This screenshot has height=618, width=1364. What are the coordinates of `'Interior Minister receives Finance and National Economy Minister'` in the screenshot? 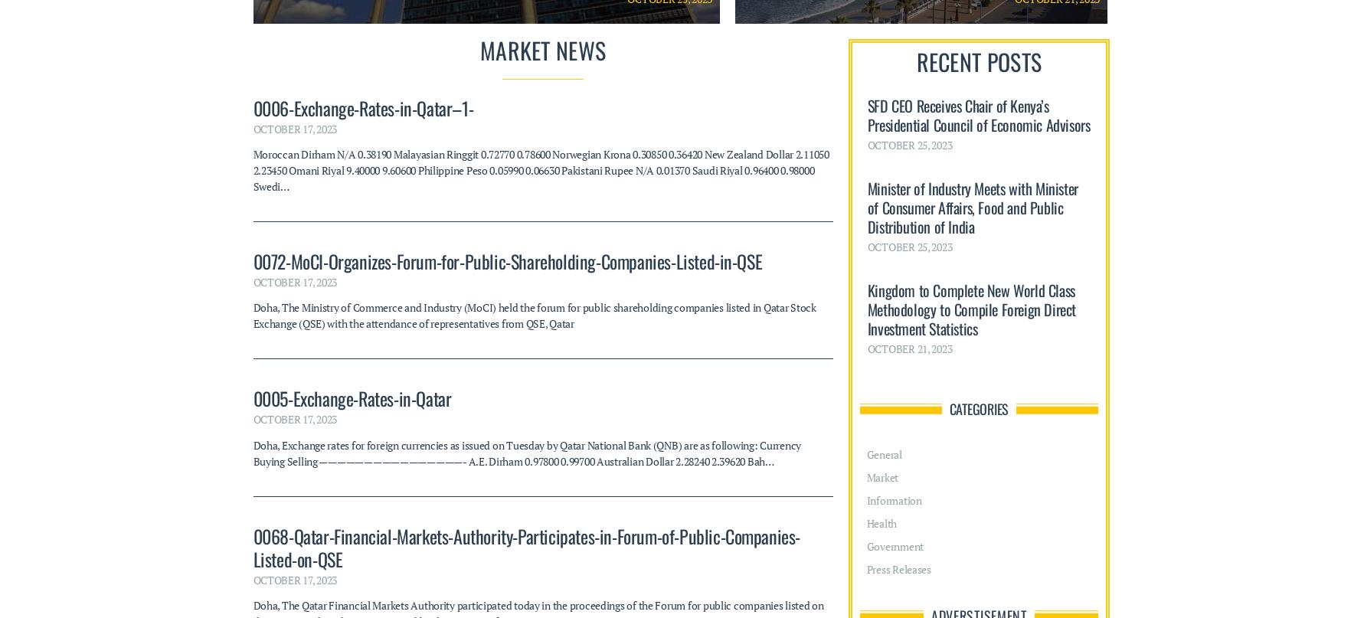 It's located at (253, 534).